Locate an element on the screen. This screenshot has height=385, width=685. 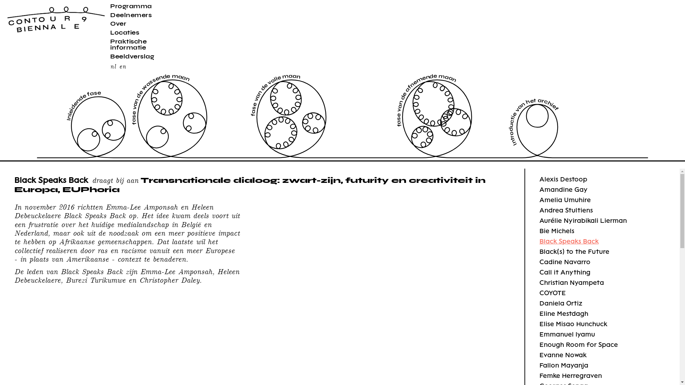
'Black(s) to the Future' is located at coordinates (574, 251).